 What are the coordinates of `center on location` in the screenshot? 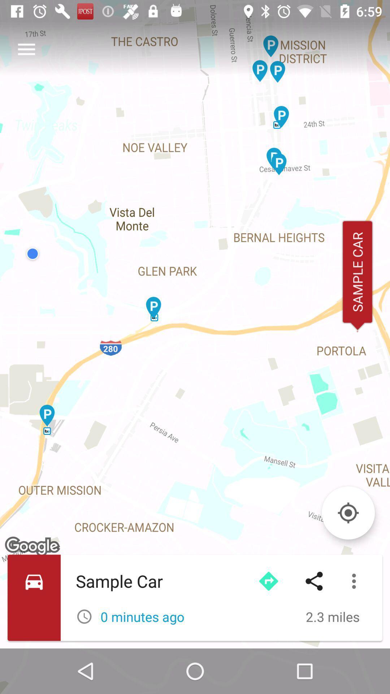 It's located at (348, 513).